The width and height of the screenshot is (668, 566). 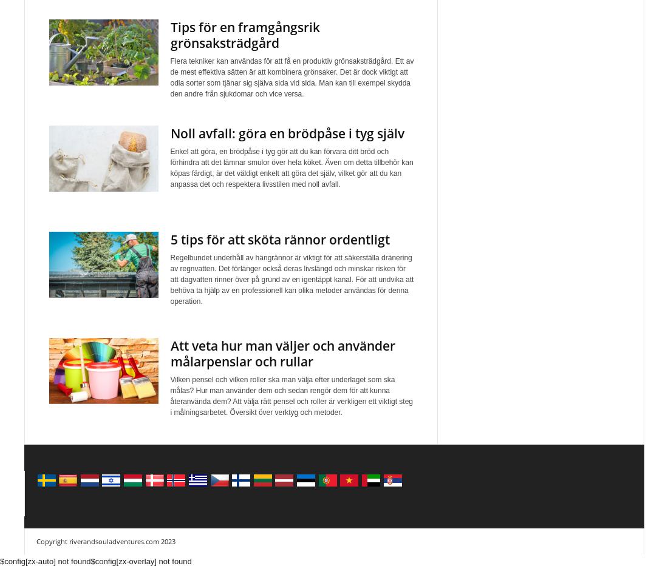 What do you see at coordinates (291, 168) in the screenshot?
I see `'Enkel att göra, en brödpåse i tyg gör att du kan förvara ditt bröd och förhindra att det lämnar smulor över hela köket. Även om detta tillbehör kan köpas färdigt, är det väldigt enkelt att göra det själv, vilket gör att du kan anpassa det och respektera livsstilen med noll avfall.'` at bounding box center [291, 168].